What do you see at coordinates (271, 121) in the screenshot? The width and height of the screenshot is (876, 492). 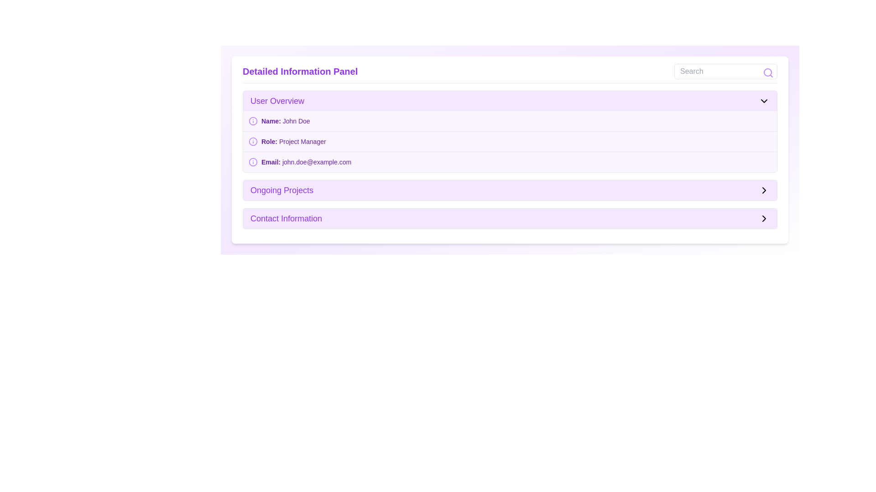 I see `the static text label displaying 'Name:' located in the 'User Overview' section, which is styled in bold purple font and positioned at the upper left of the section` at bounding box center [271, 121].